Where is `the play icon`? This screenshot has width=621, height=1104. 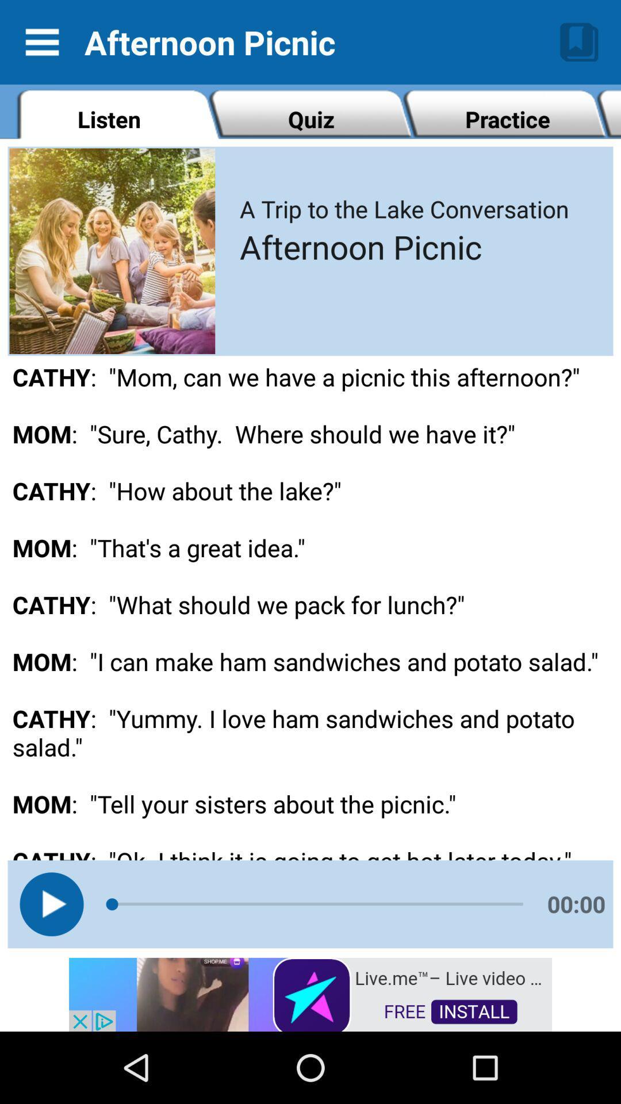
the play icon is located at coordinates (51, 903).